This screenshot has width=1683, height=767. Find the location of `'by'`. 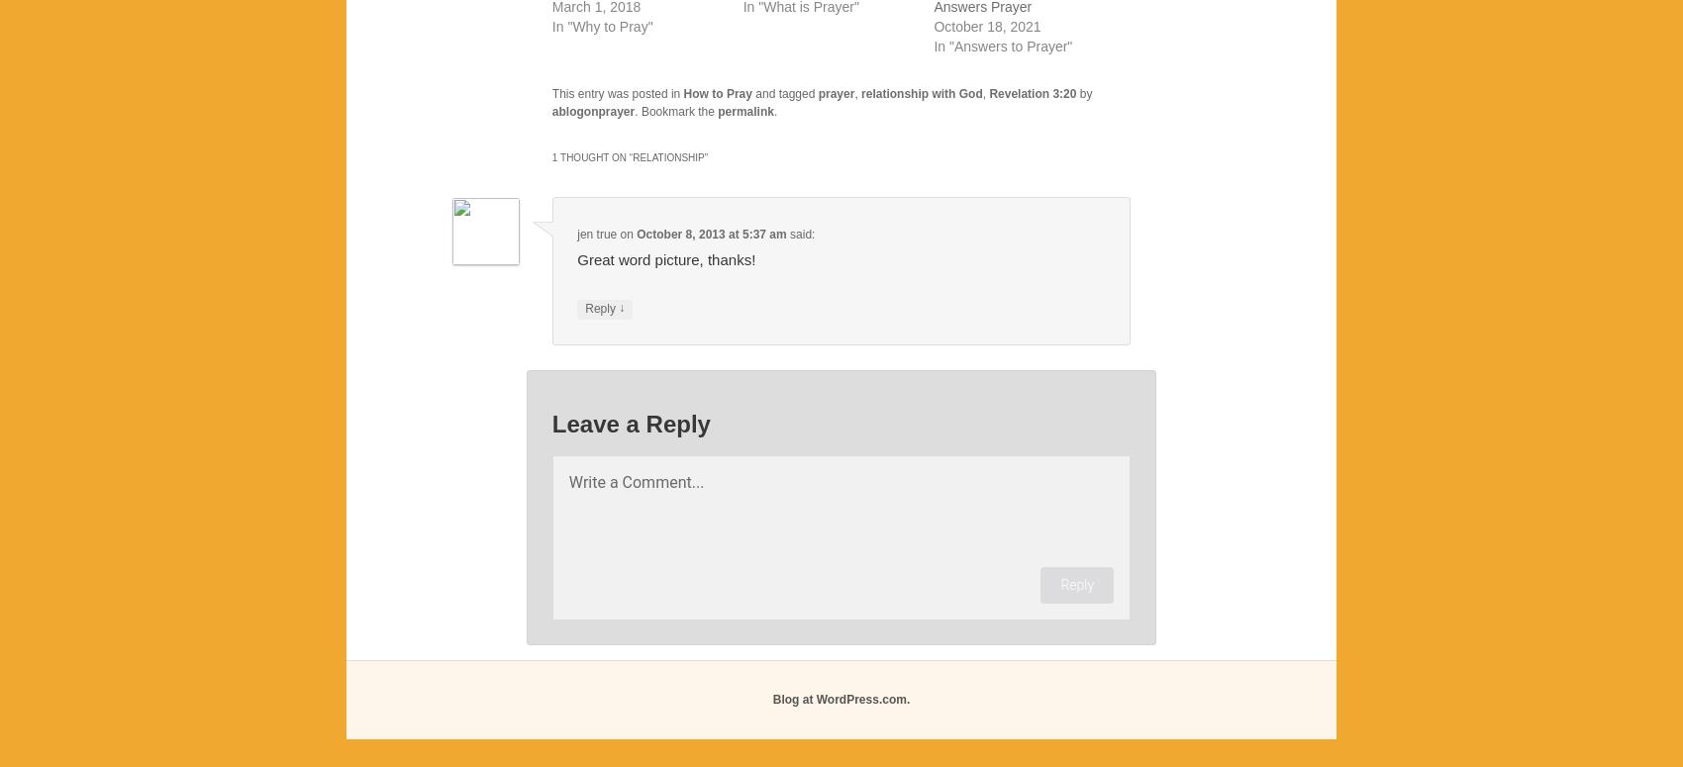

'by' is located at coordinates (1083, 94).